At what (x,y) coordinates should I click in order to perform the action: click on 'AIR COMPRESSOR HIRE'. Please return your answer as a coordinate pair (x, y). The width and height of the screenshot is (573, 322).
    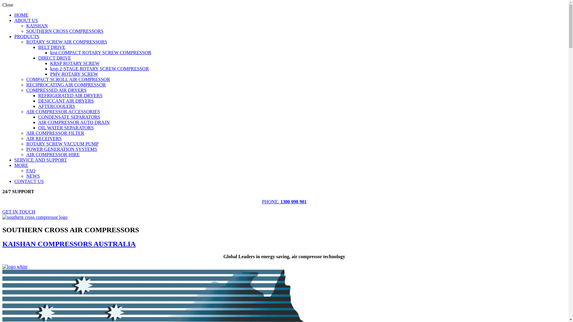
    Looking at the image, I should click on (53, 154).